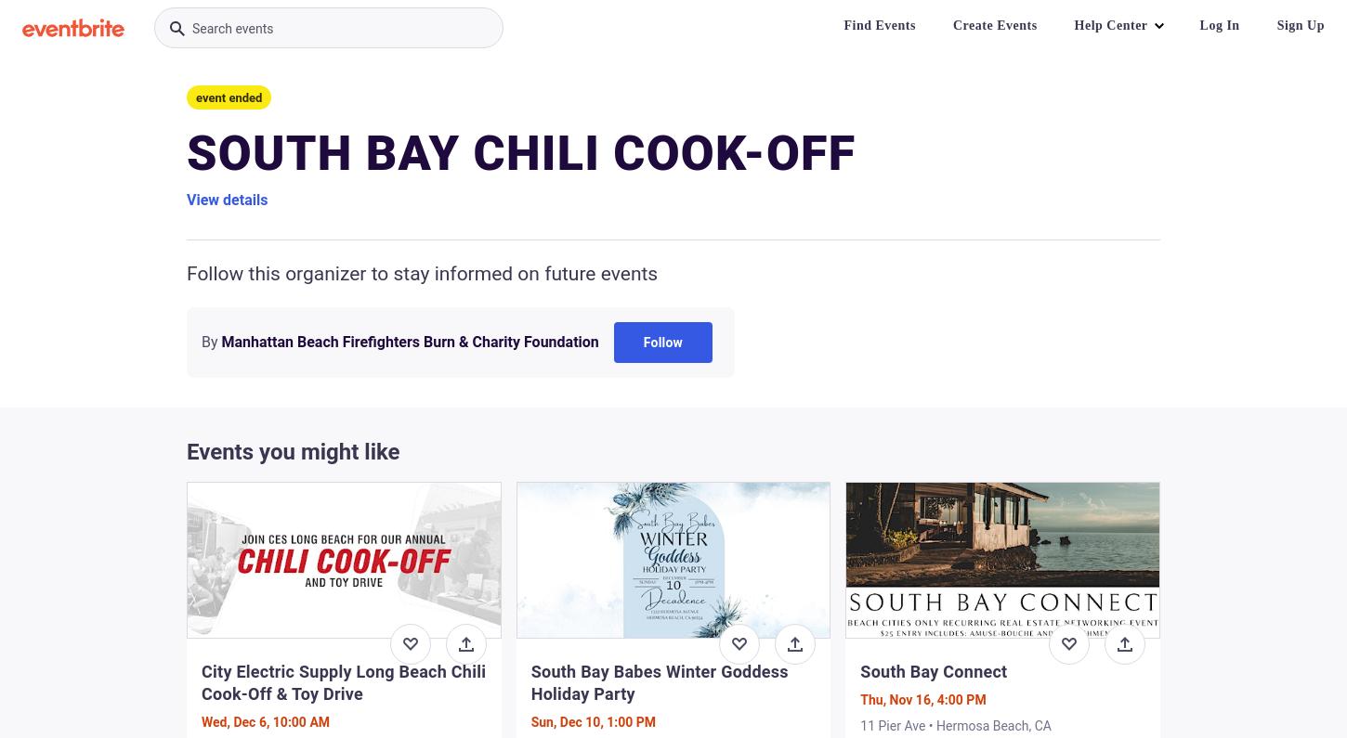  What do you see at coordinates (878, 24) in the screenshot?
I see `'Find Events'` at bounding box center [878, 24].